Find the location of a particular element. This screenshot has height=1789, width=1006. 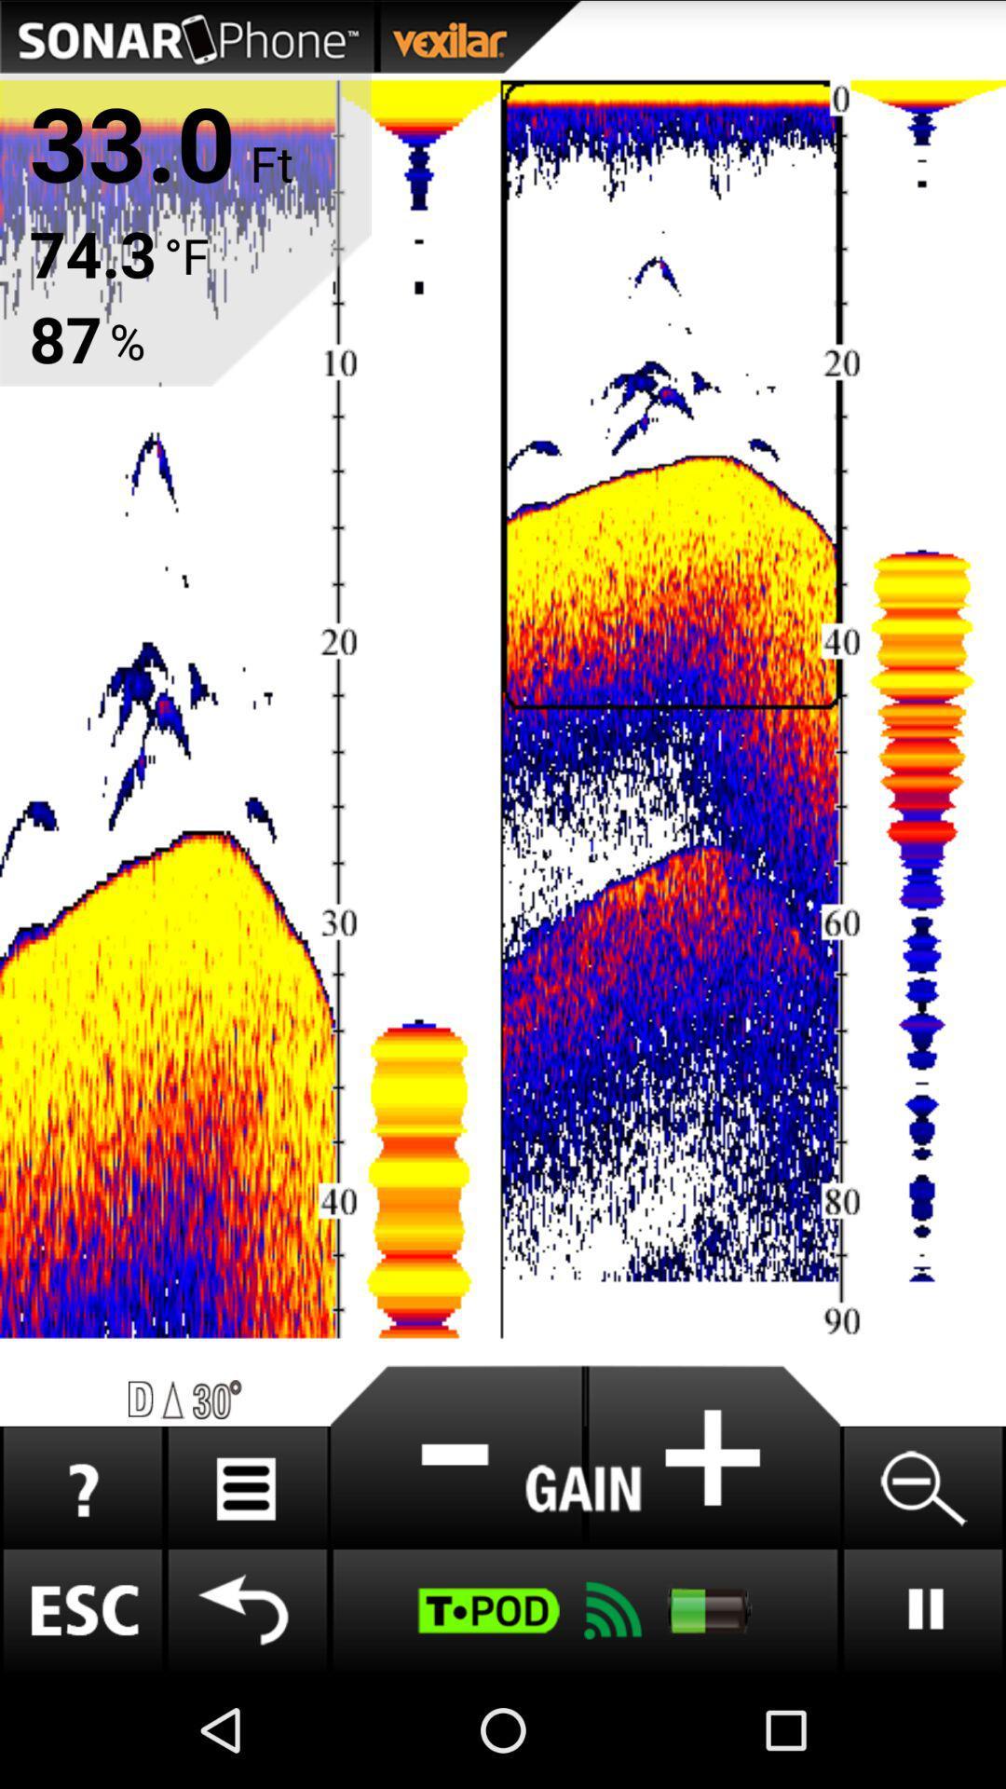

ingres sonar is located at coordinates (713, 1456).